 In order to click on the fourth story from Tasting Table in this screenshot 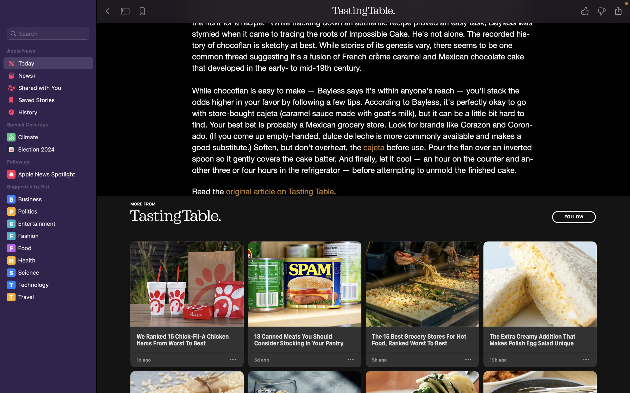, I will do `click(540, 297)`.